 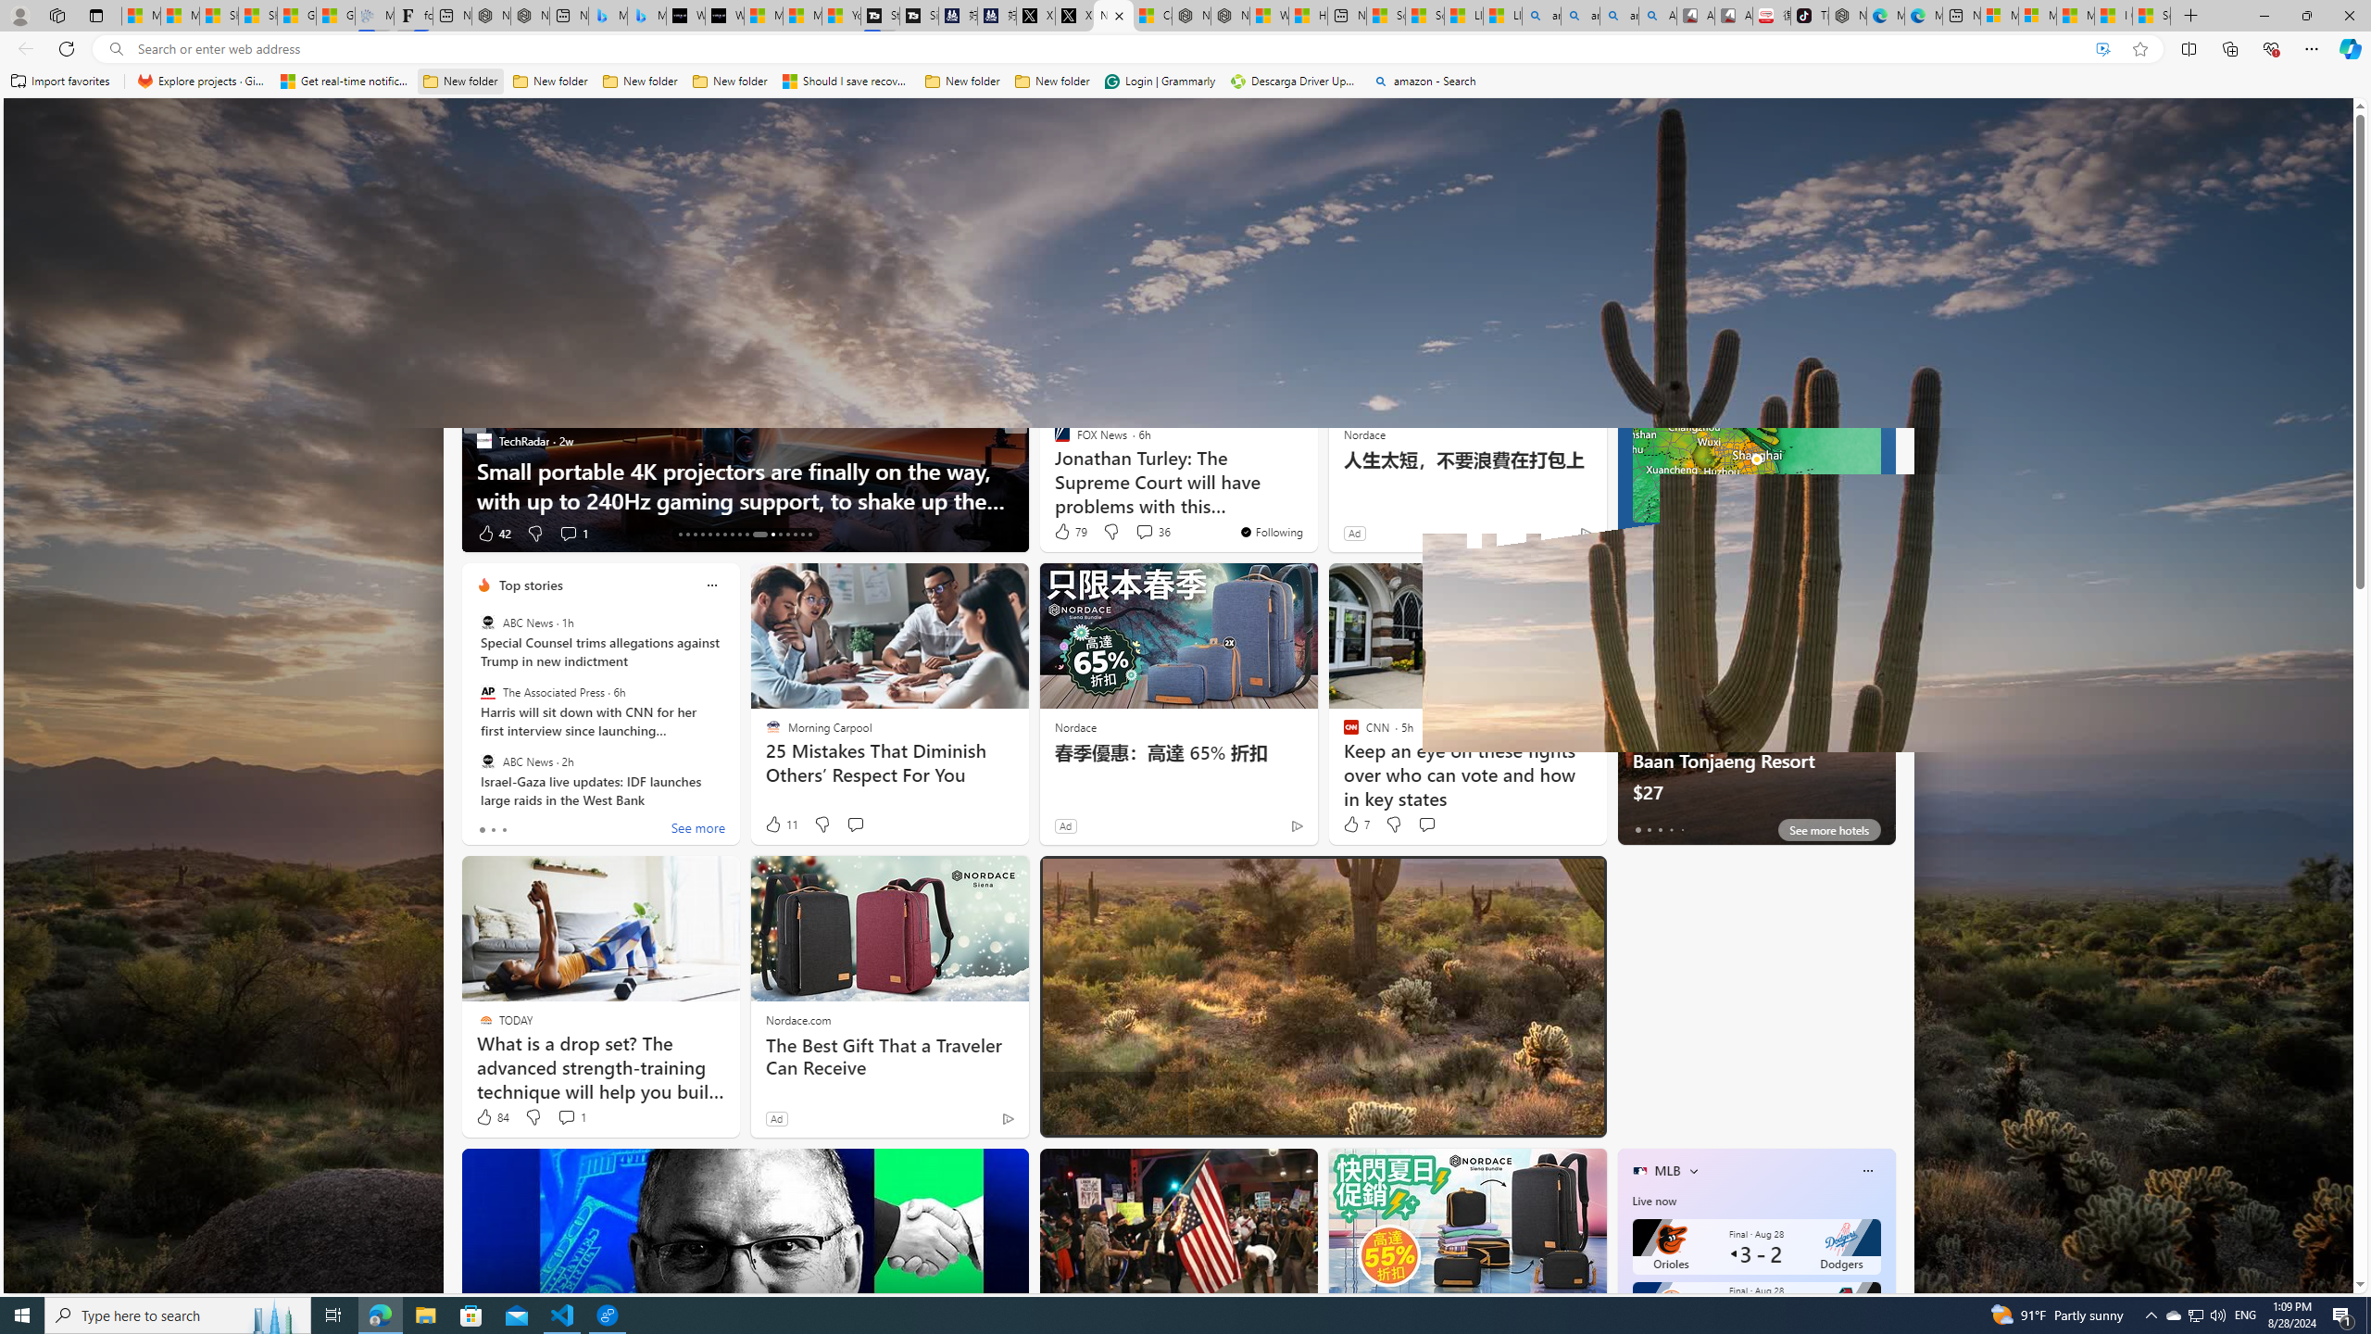 What do you see at coordinates (608, 15) in the screenshot?
I see `'Microsoft Bing Travel - Stays in Bangkok, Bangkok, Thailand'` at bounding box center [608, 15].